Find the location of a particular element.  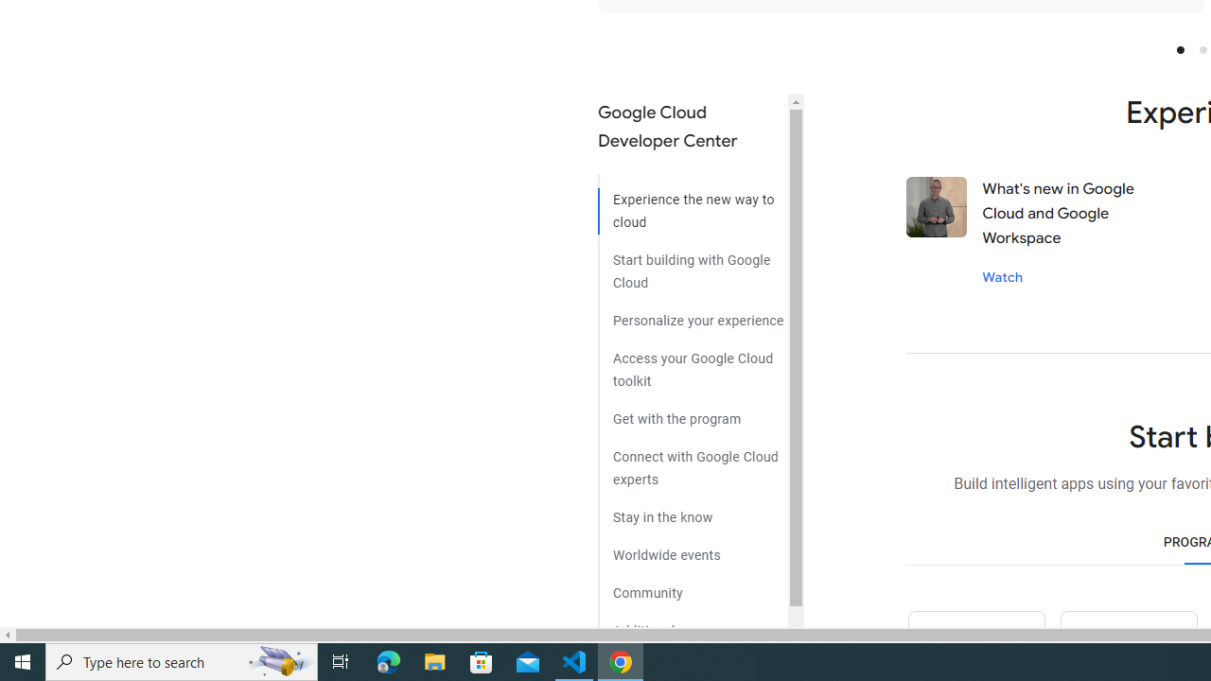

'Slide 1' is located at coordinates (1179, 48).